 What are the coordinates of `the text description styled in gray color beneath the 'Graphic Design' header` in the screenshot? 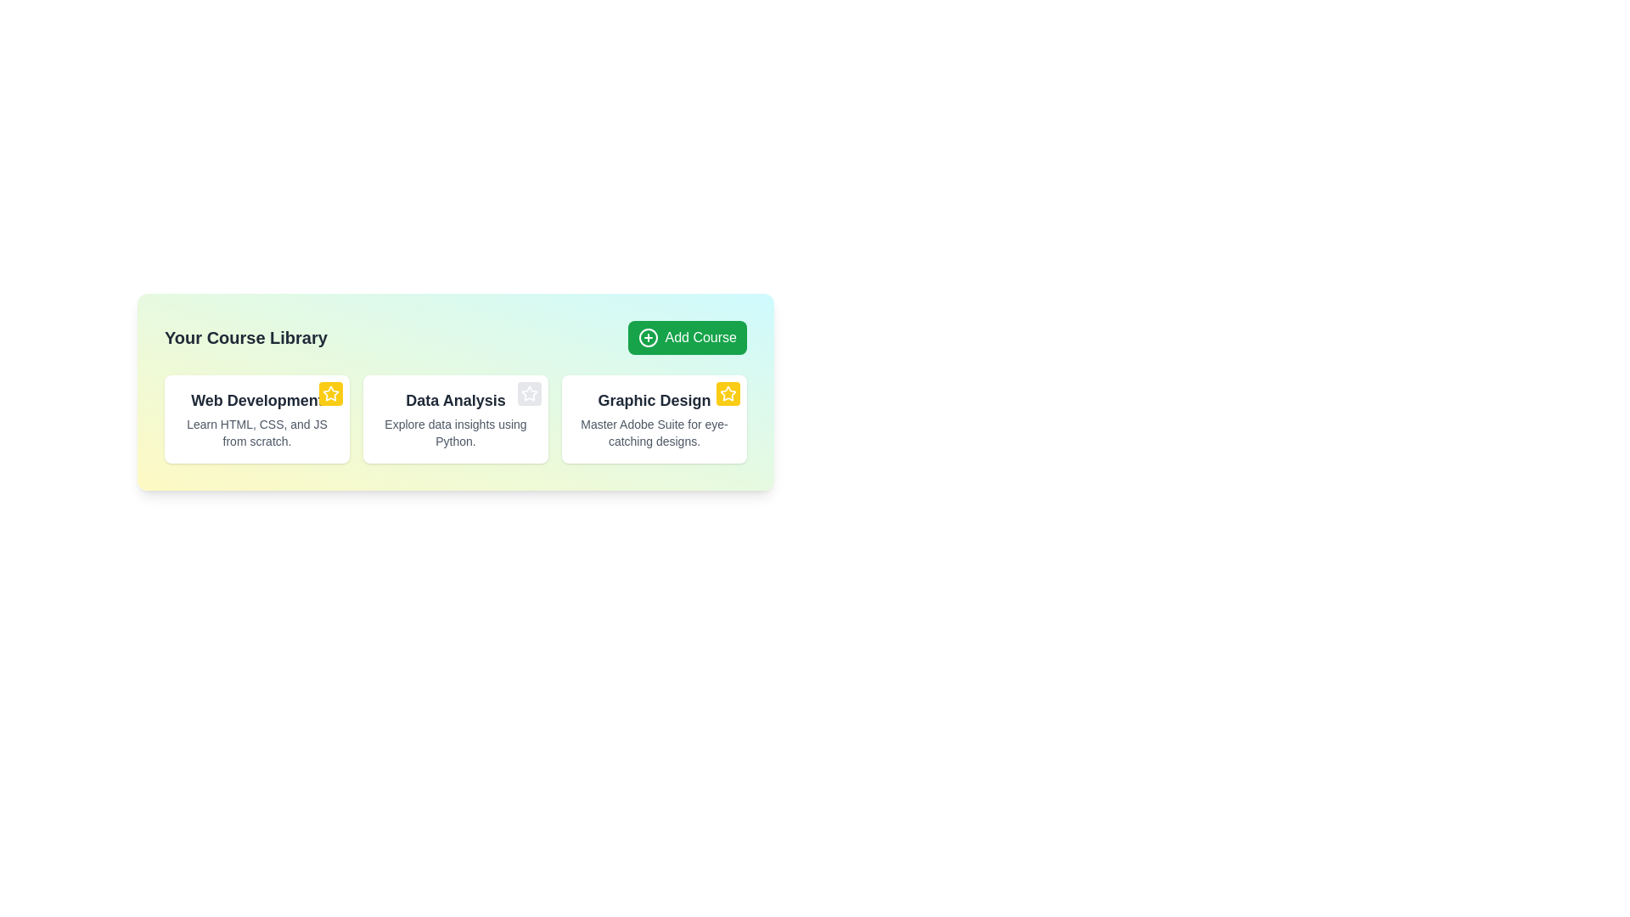 It's located at (654, 431).